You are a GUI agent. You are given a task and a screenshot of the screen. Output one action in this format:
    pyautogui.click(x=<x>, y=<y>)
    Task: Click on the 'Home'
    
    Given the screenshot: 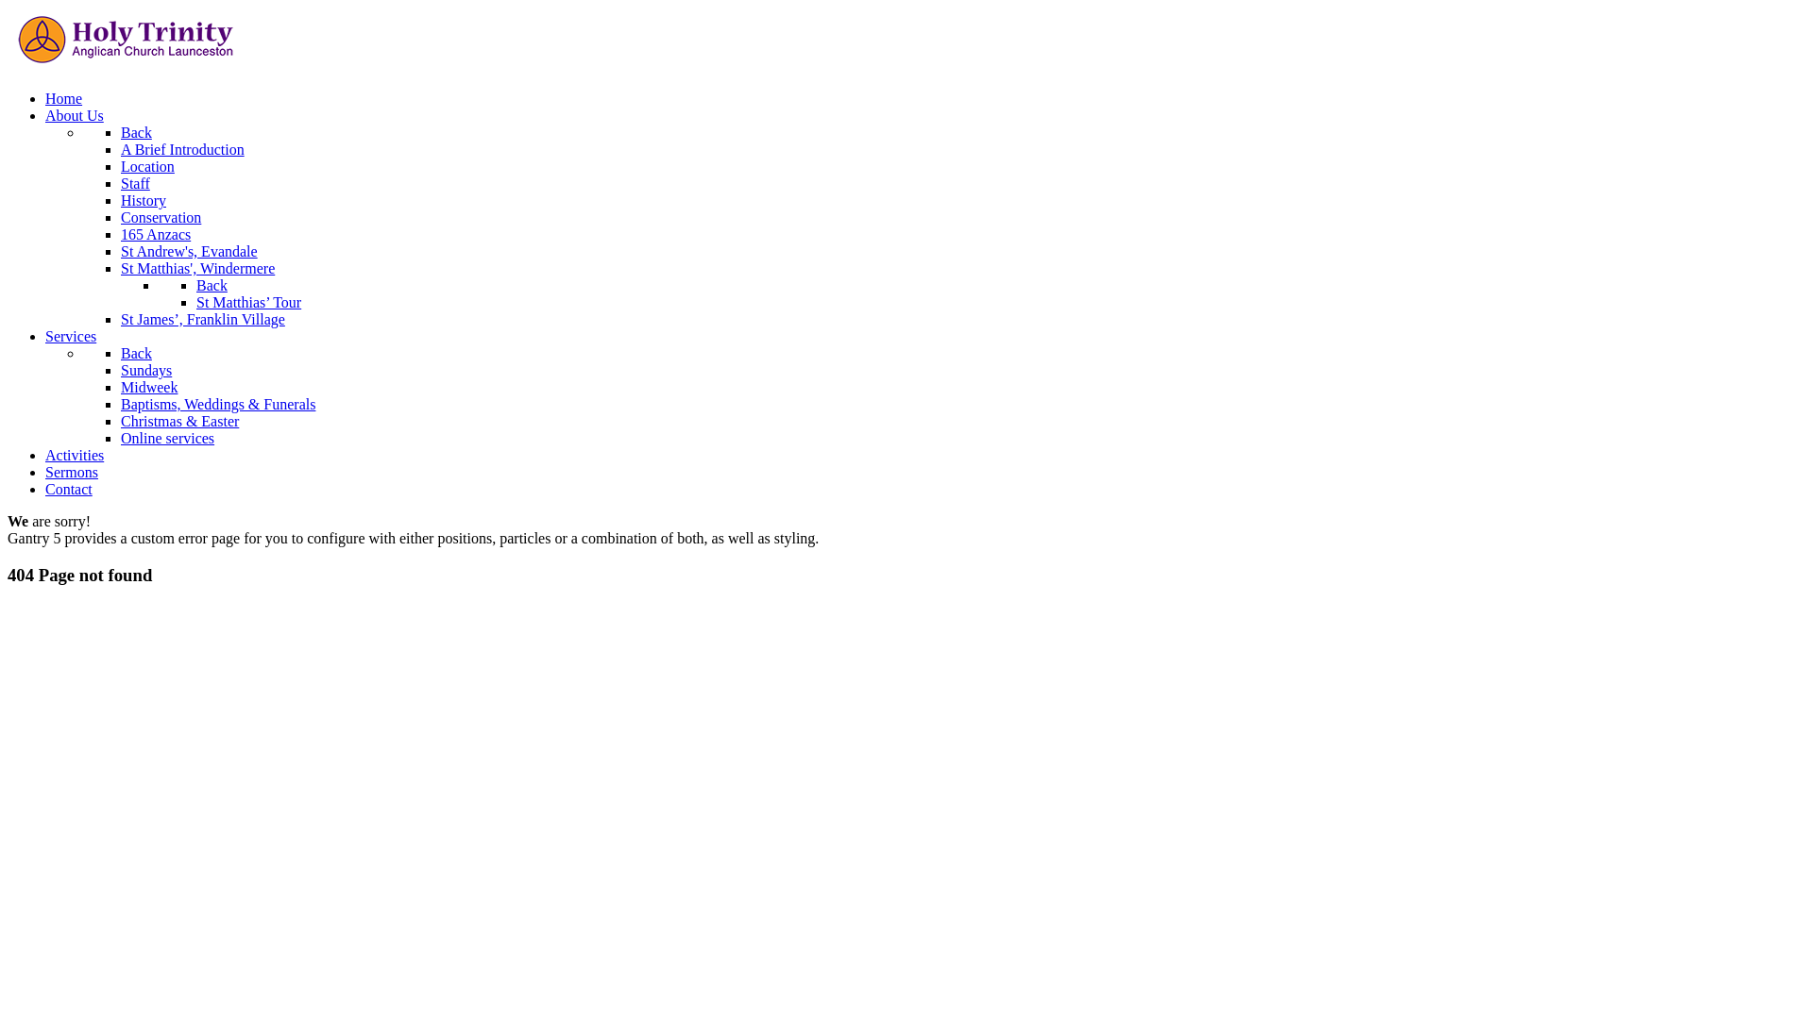 What is the action you would take?
    pyautogui.click(x=45, y=98)
    